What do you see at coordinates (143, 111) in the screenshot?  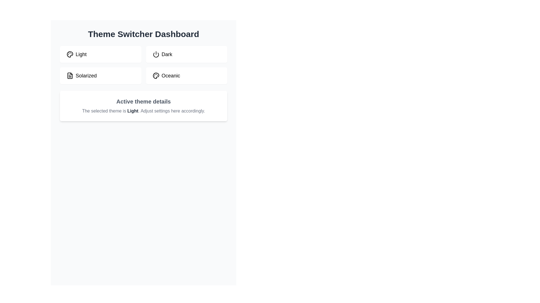 I see `the static text element displaying the message 'The selected theme is Light. Adjust settings here accordingly.' which is located below the heading 'Active theme details'` at bounding box center [143, 111].